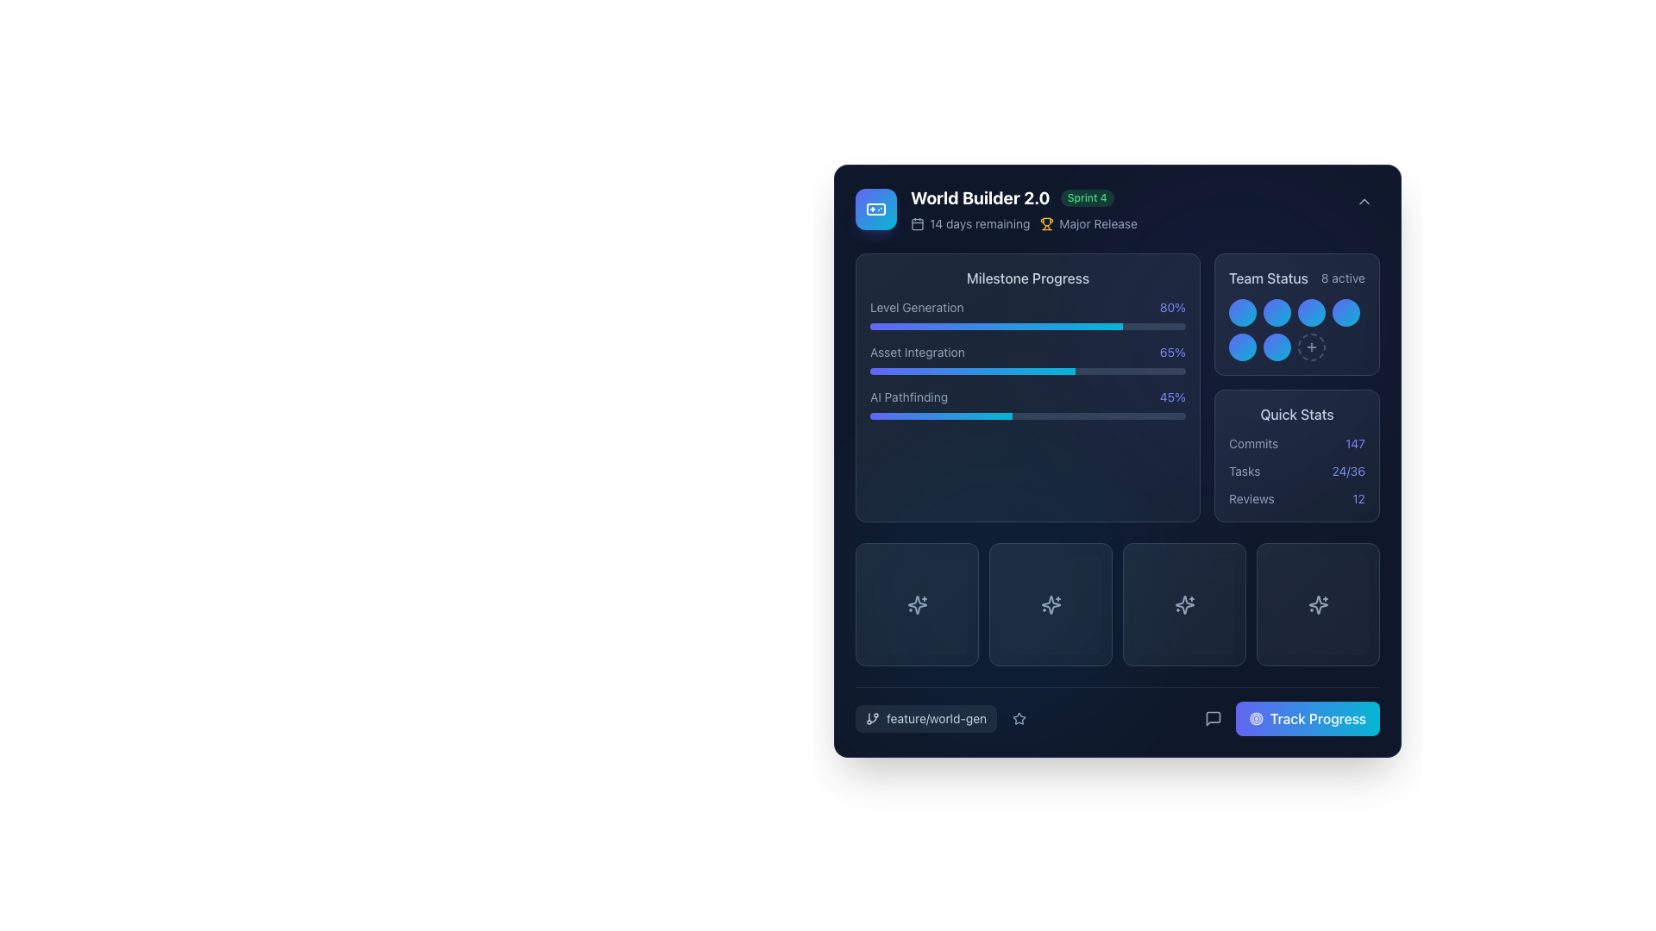  What do you see at coordinates (1296, 415) in the screenshot?
I see `the 'Quick Stats' text label, which is styled in light gray and located in the top header area of the 'Quick Stats' card` at bounding box center [1296, 415].